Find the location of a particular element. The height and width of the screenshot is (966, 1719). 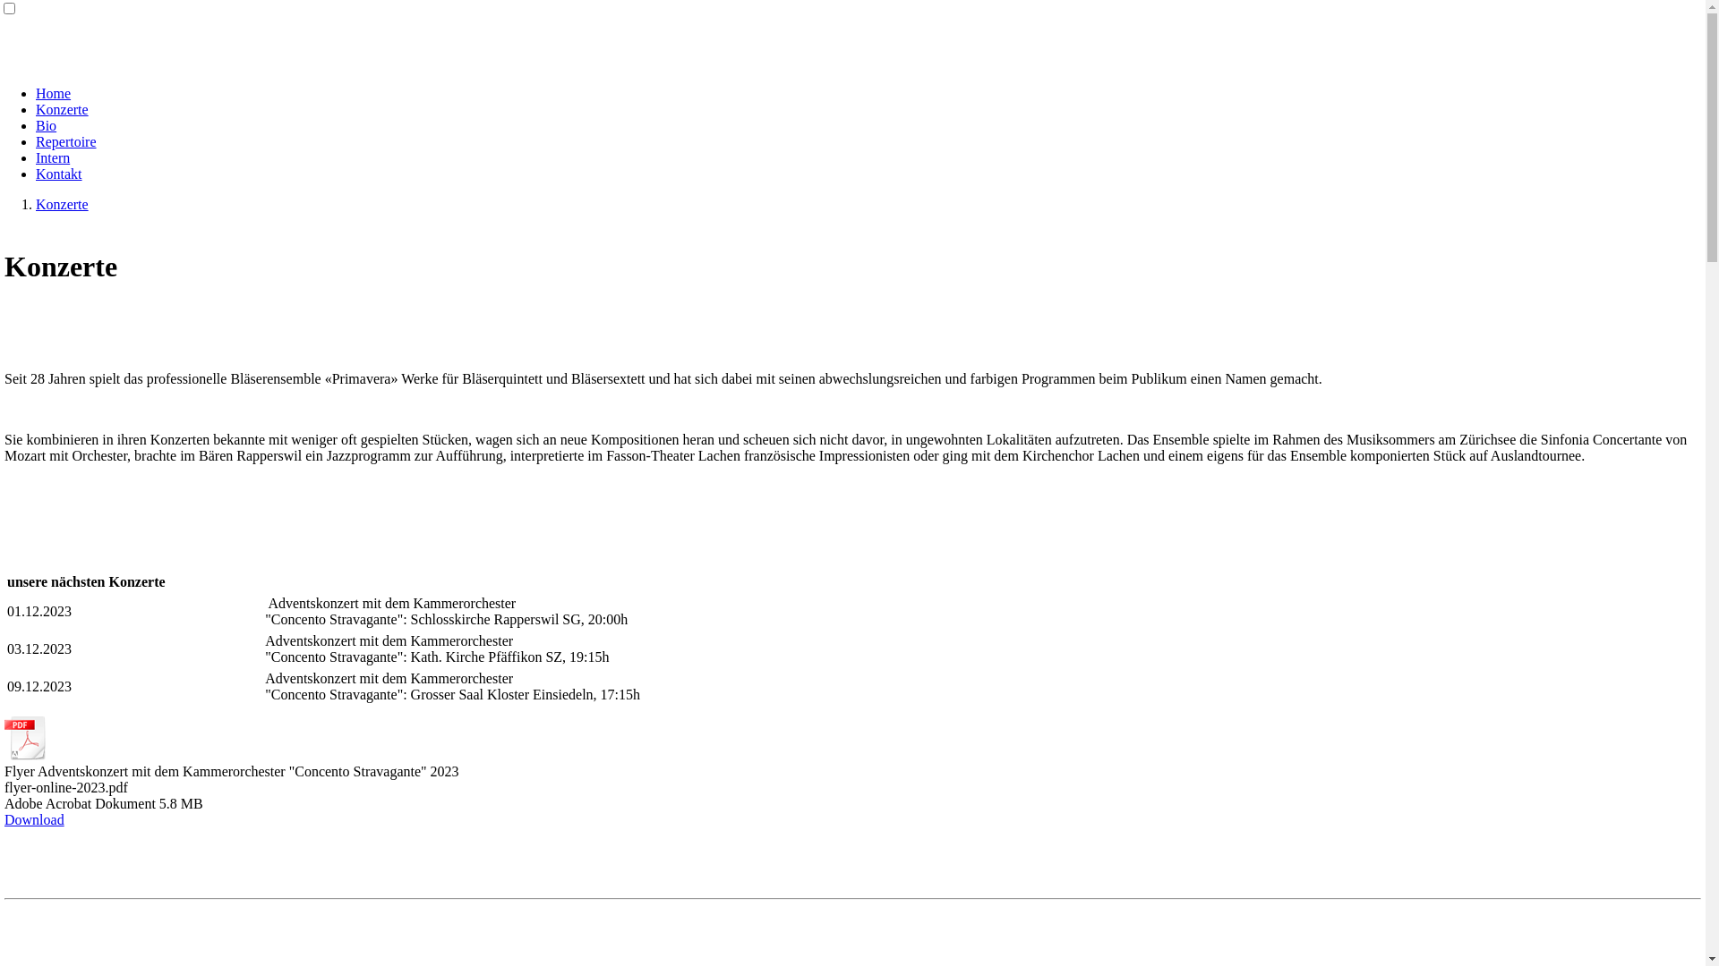

'Bio' is located at coordinates (46, 124).